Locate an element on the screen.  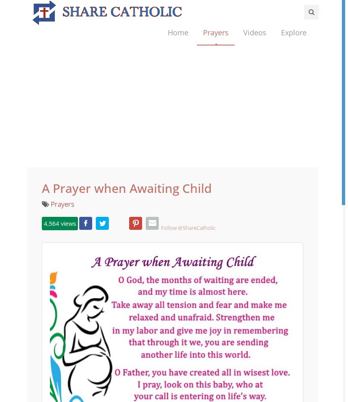
'Inspirational' is located at coordinates (281, 111).